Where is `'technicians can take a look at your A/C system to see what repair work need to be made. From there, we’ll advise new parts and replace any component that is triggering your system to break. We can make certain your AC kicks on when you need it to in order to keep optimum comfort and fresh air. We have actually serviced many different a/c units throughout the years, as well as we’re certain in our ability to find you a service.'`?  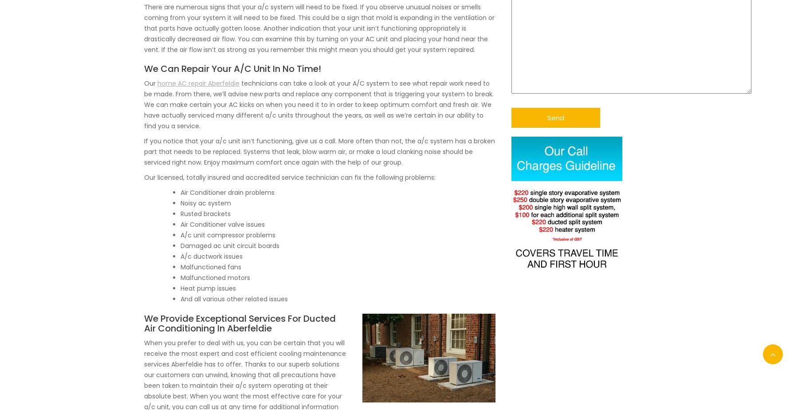
'technicians can take a look at your A/C system to see what repair work need to be made. From there, we’ll advise new parts and replace any component that is triggering your system to break. We can make certain your AC kicks on when you need it to in order to keep optimum comfort and fresh air. We have actually serviced many different a/c units throughout the years, as well as we’re certain in our ability to find you a service.' is located at coordinates (318, 103).